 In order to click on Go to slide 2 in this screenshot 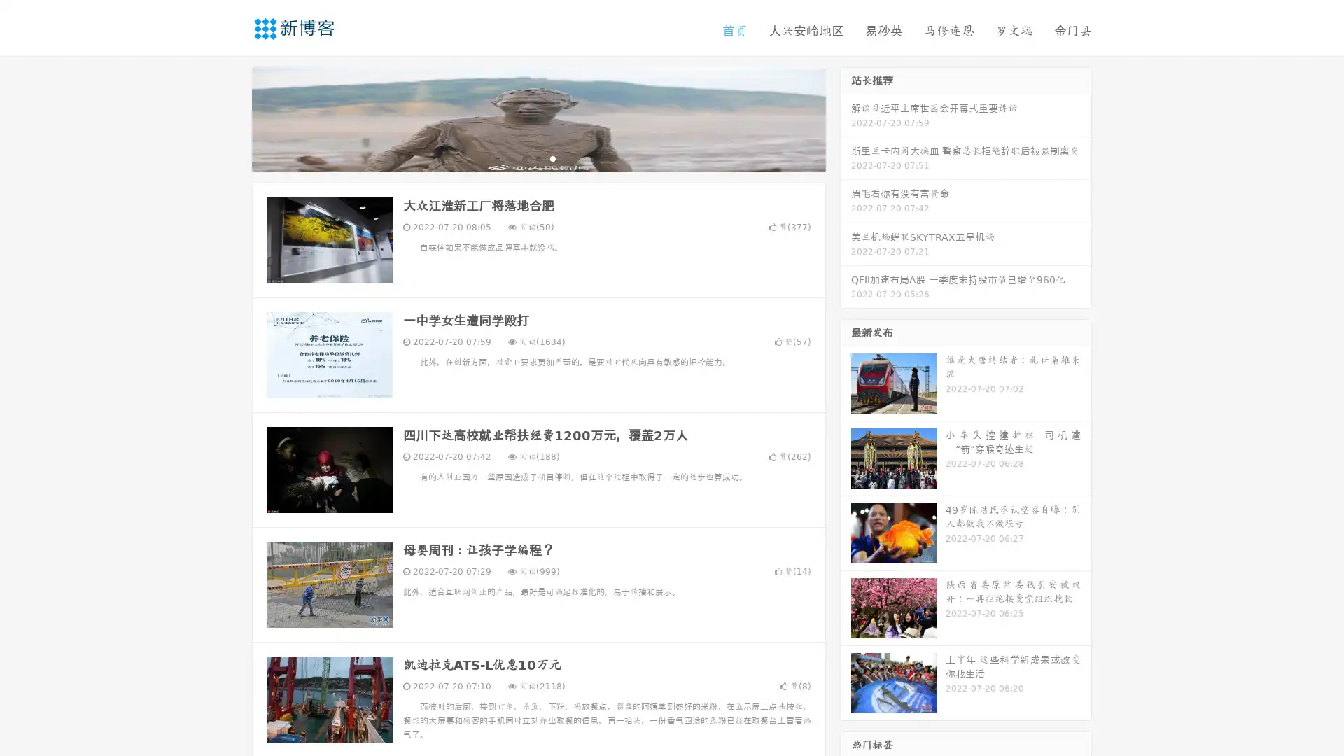, I will do `click(538, 157)`.